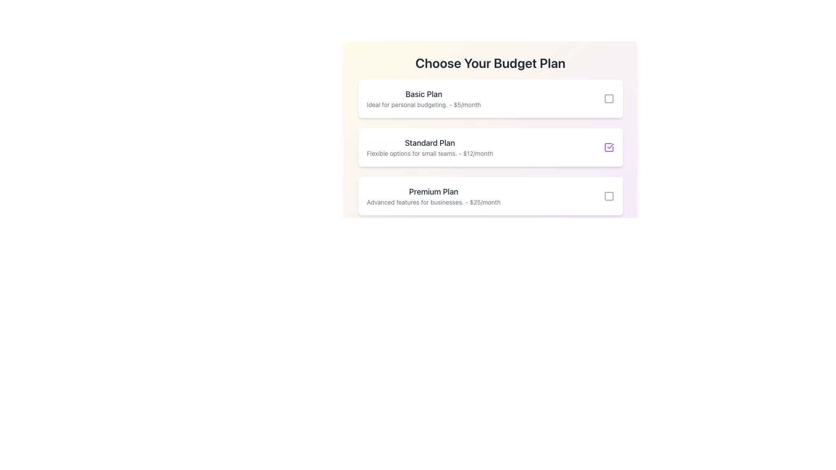 This screenshot has width=836, height=470. What do you see at coordinates (490, 147) in the screenshot?
I see `the 'Standard Plan' selectable list item` at bounding box center [490, 147].